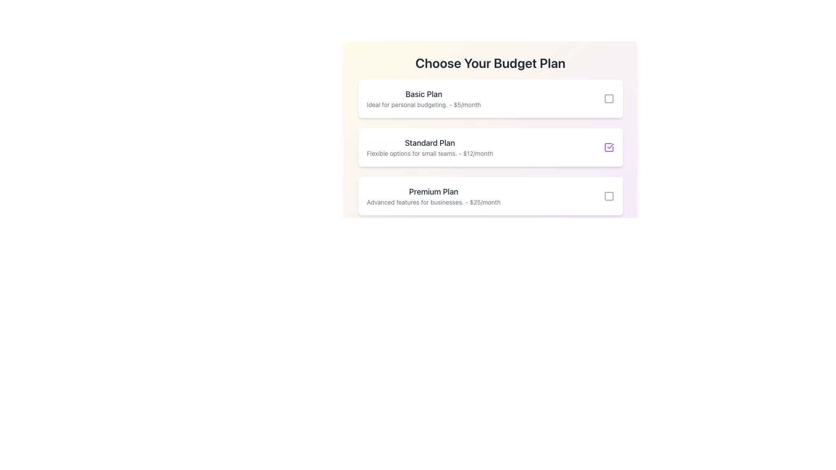 This screenshot has width=836, height=470. What do you see at coordinates (490, 147) in the screenshot?
I see `the 'Standard Plan' selectable list item` at bounding box center [490, 147].